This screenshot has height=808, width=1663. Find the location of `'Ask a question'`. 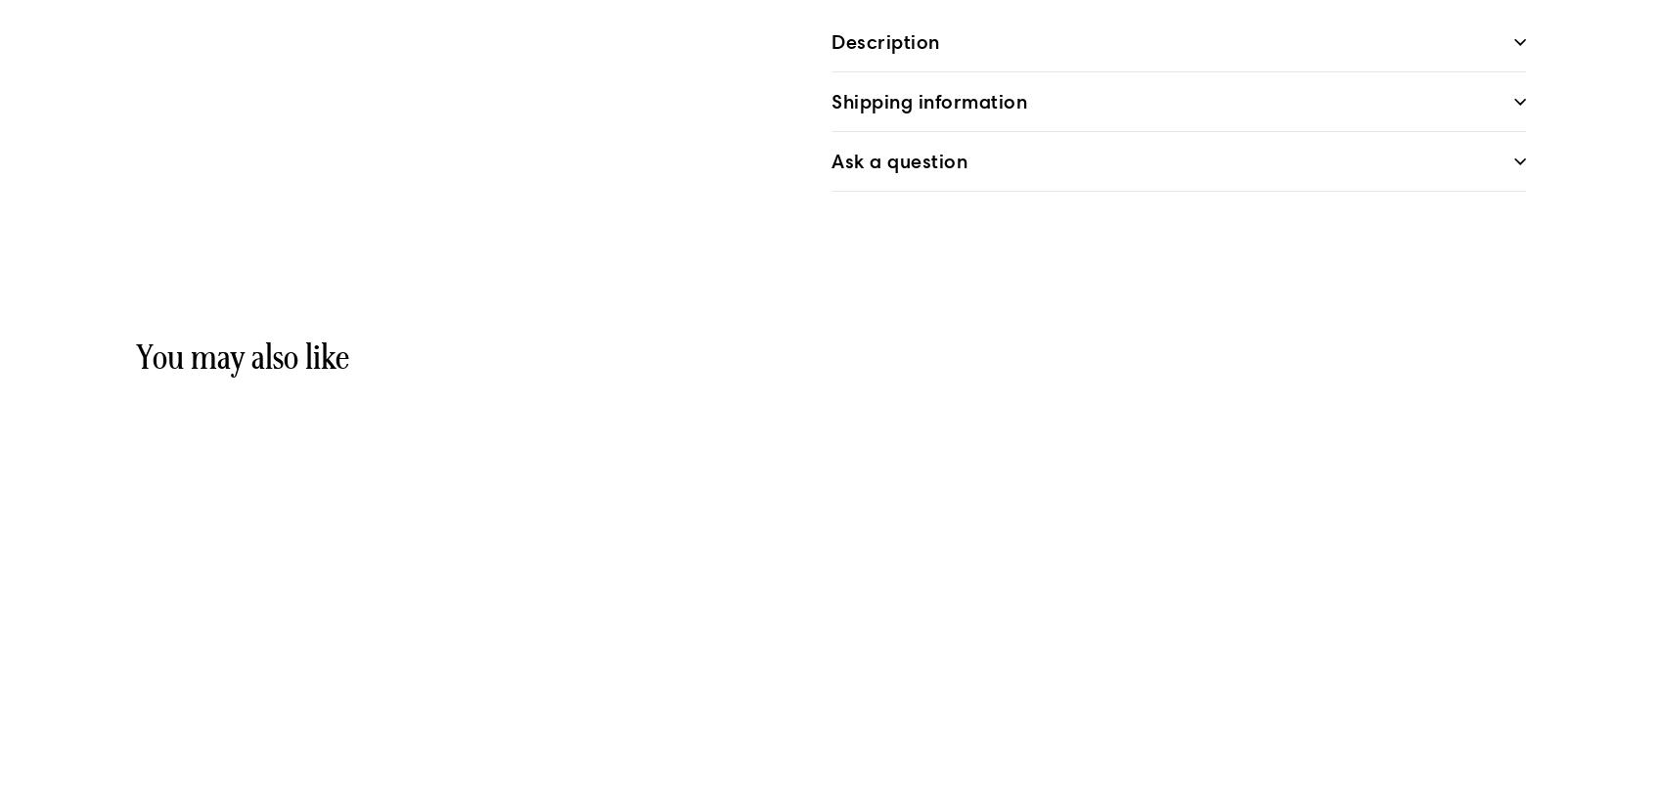

'Ask a question' is located at coordinates (831, 158).